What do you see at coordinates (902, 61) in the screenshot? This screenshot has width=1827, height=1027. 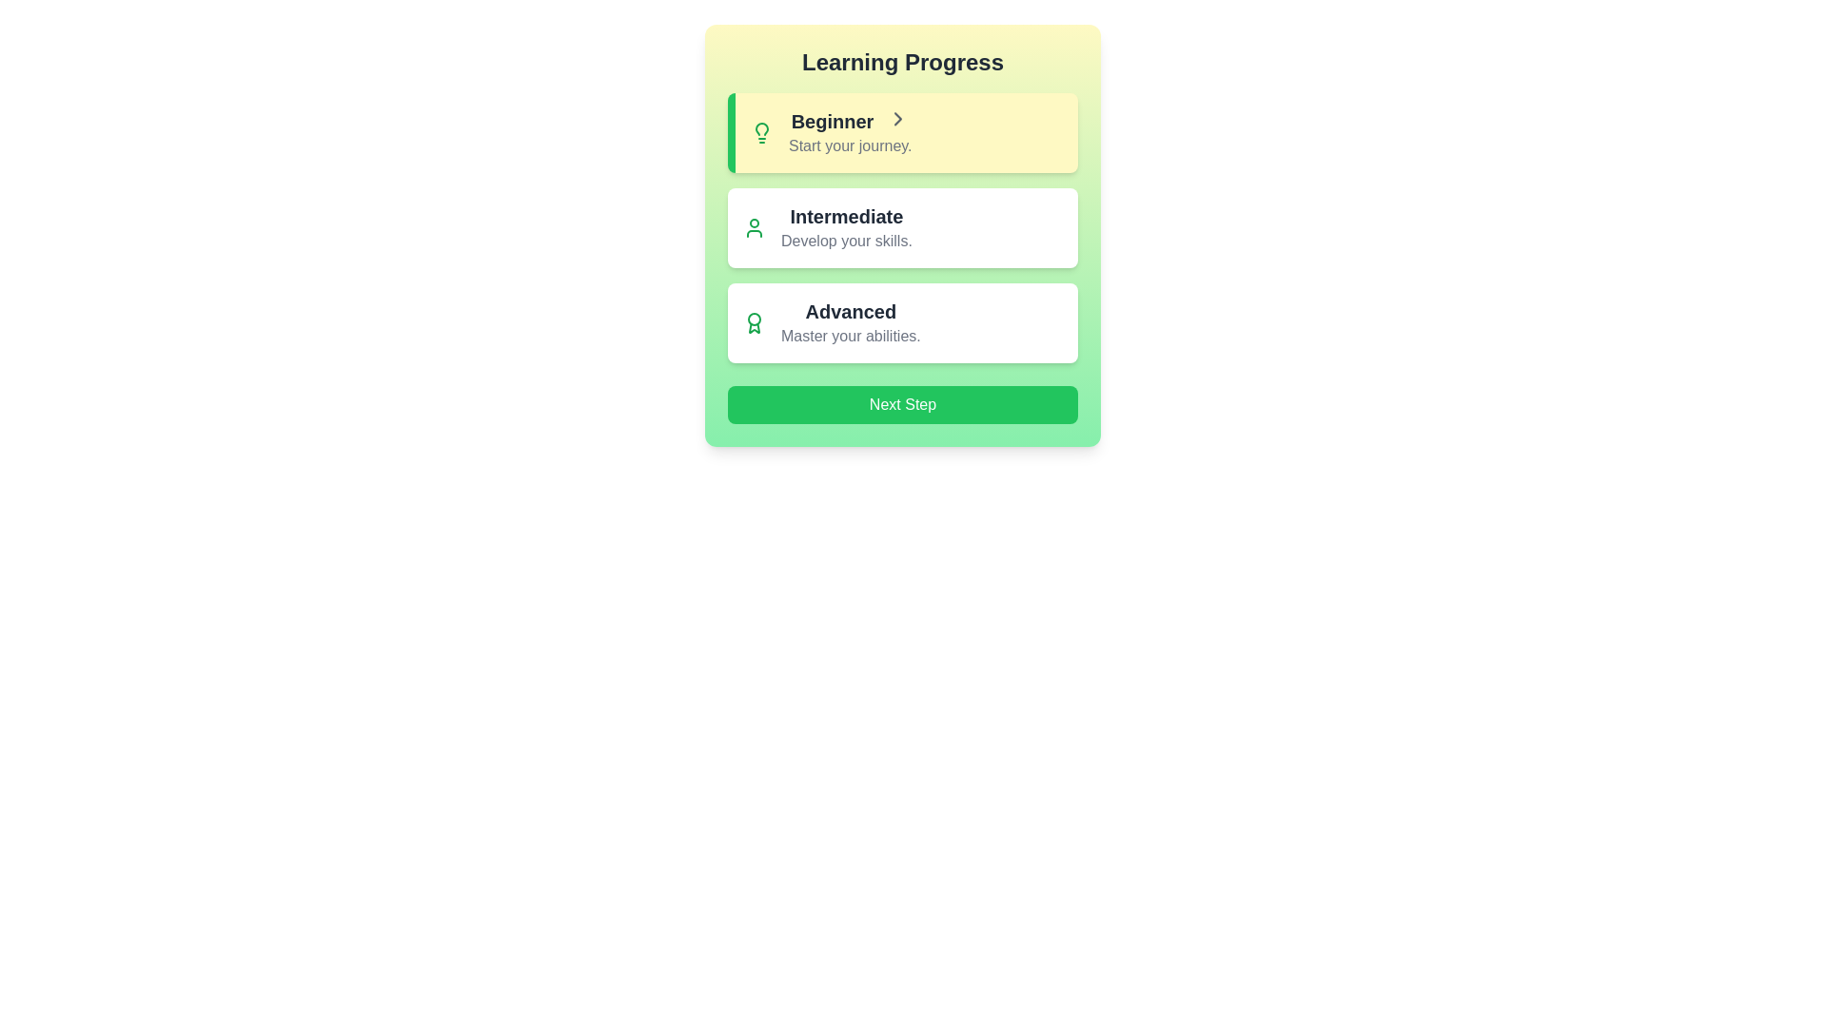 I see `the 'Learning Progress' text element, which is styled in bold, large dark gray font, serving as a header above the progress levels` at bounding box center [902, 61].